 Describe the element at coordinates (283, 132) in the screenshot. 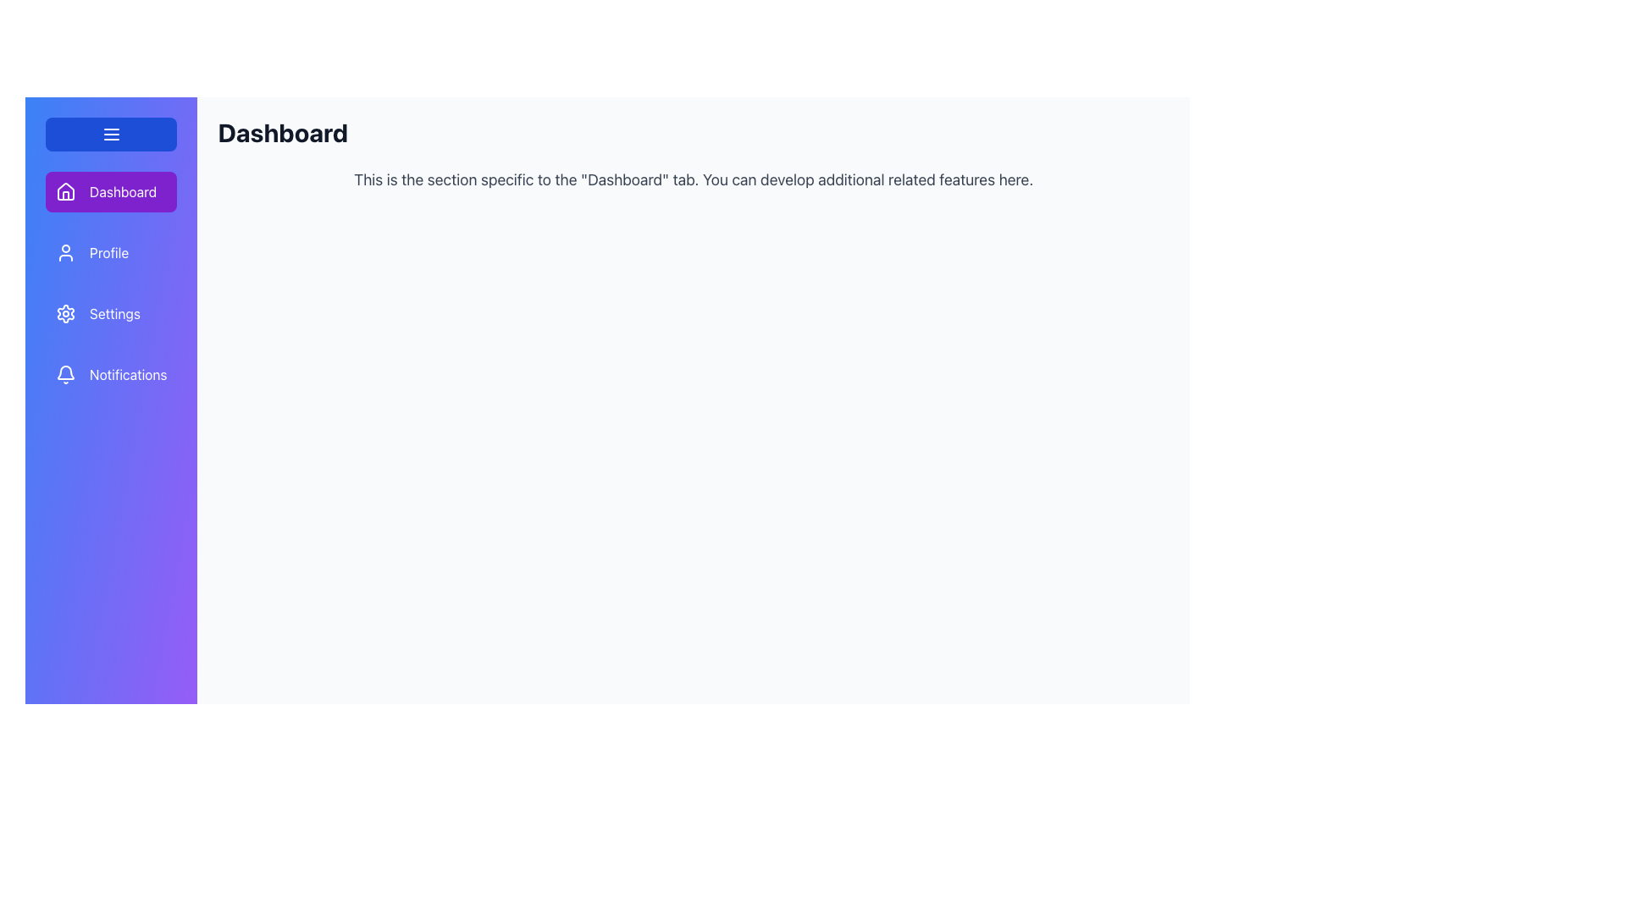

I see `the title text labeled 'Dashboard', which is bold, large, and aligned to the left at the top of the content area` at that location.